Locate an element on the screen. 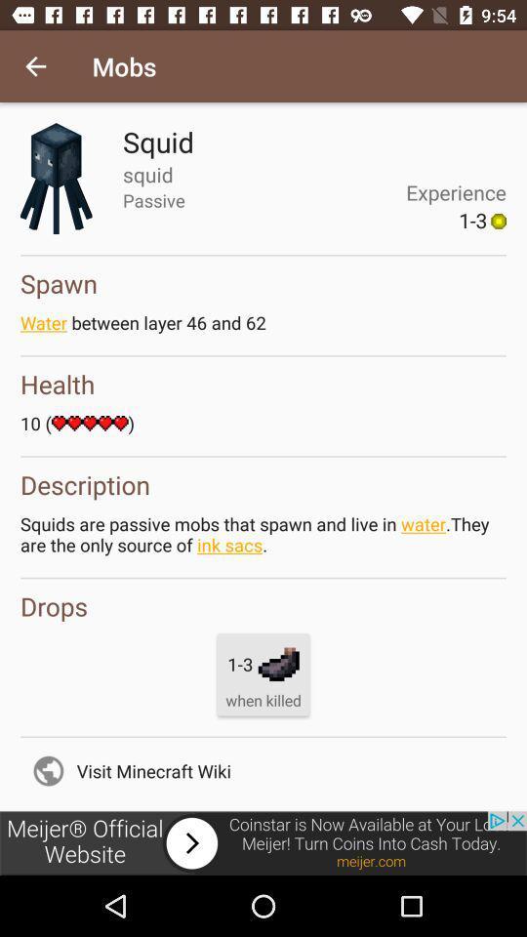  advertisement image is located at coordinates (263, 842).